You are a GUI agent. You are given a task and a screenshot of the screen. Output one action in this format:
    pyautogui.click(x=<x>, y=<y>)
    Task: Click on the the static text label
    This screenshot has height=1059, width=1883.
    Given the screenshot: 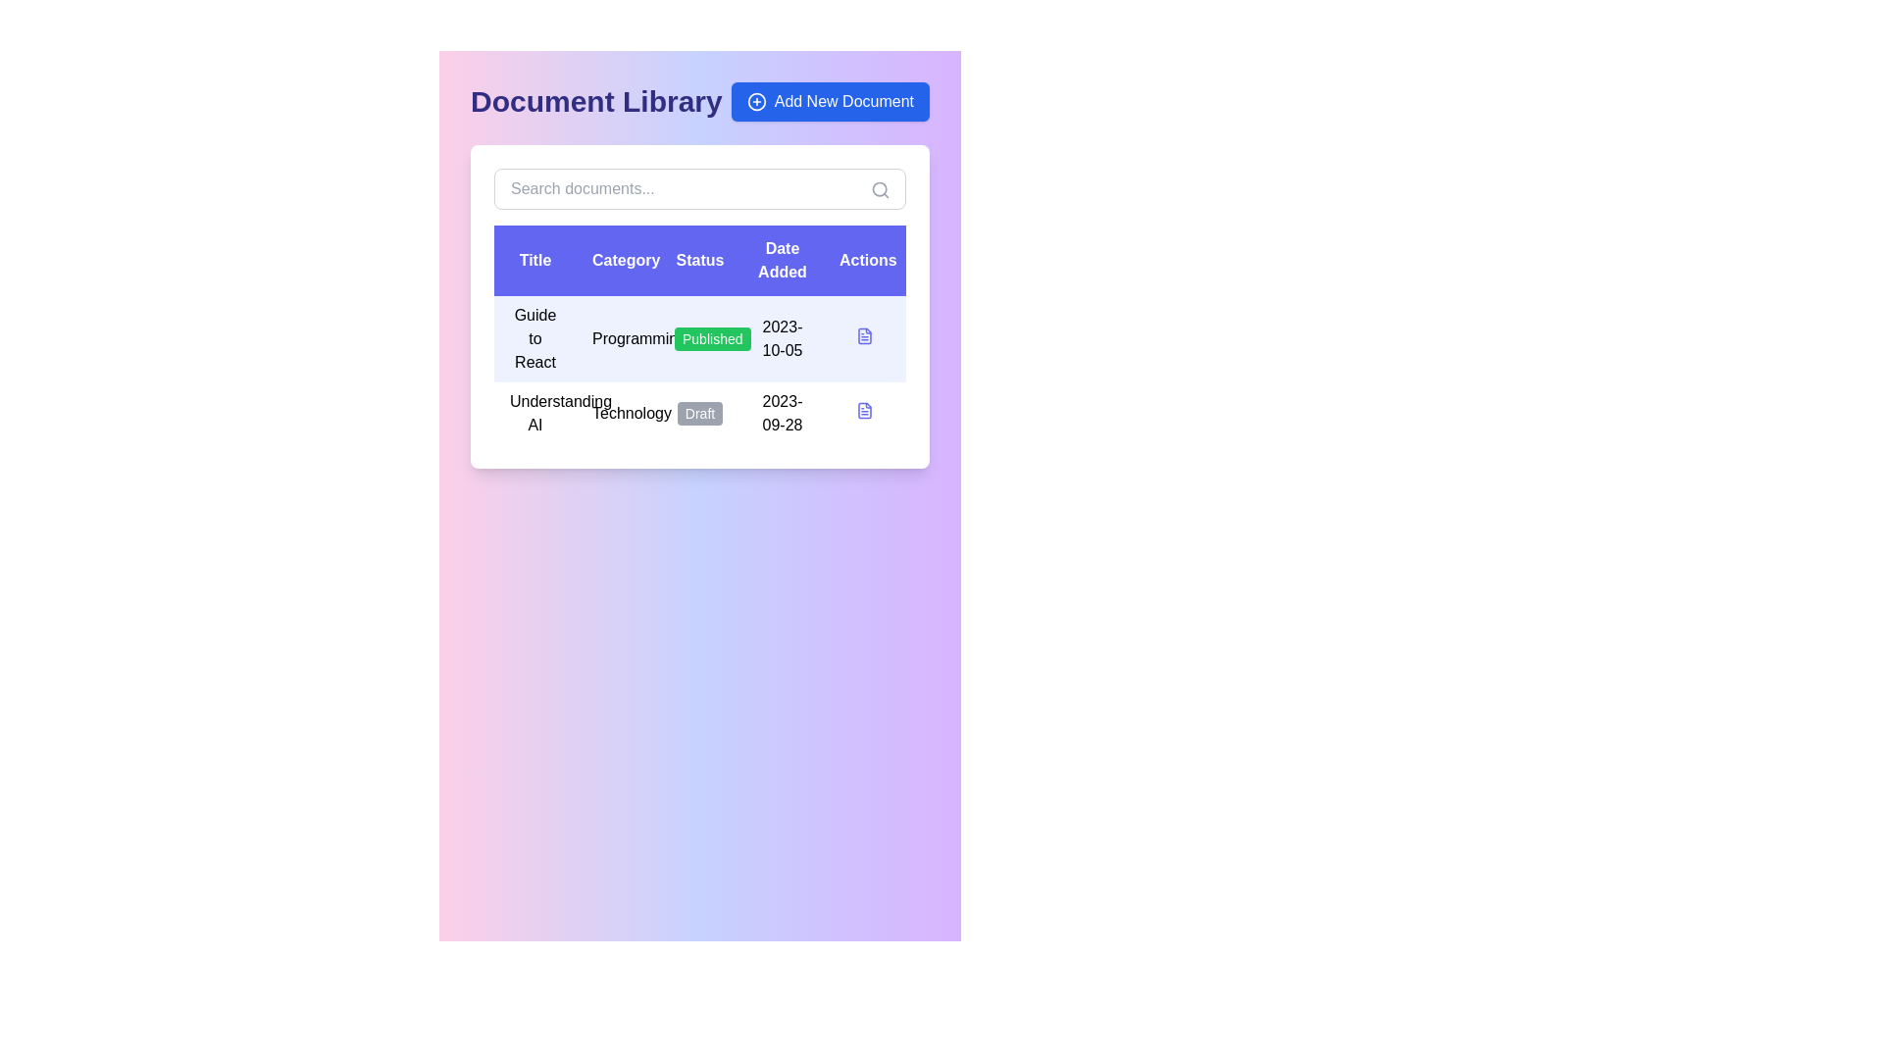 What is the action you would take?
    pyautogui.click(x=535, y=338)
    